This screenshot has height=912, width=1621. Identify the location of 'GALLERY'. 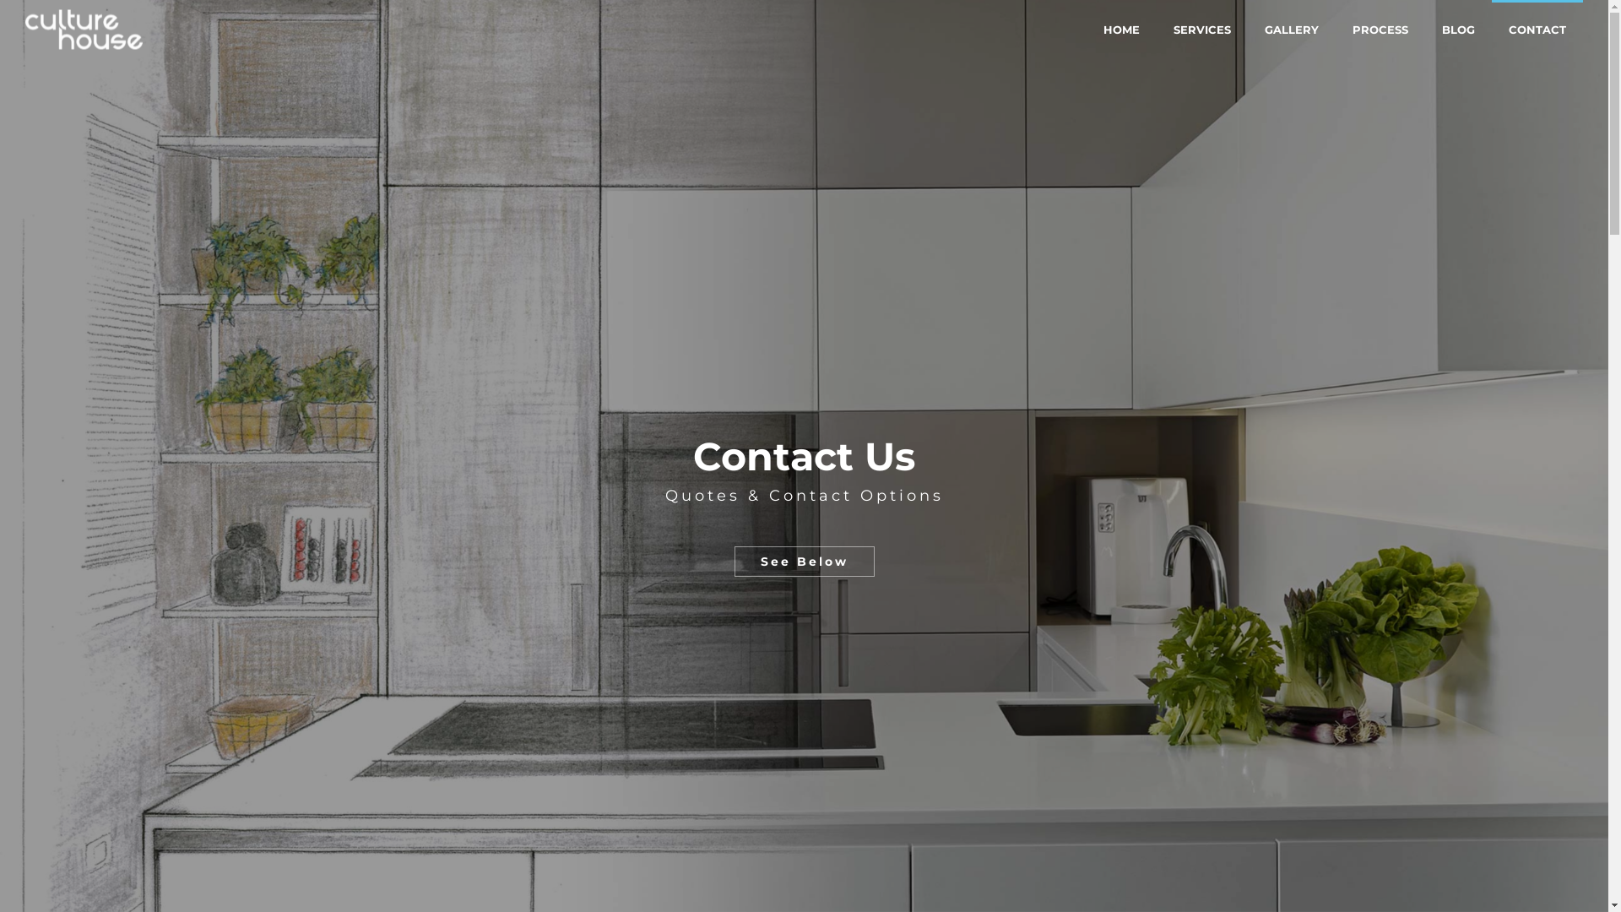
(1291, 29).